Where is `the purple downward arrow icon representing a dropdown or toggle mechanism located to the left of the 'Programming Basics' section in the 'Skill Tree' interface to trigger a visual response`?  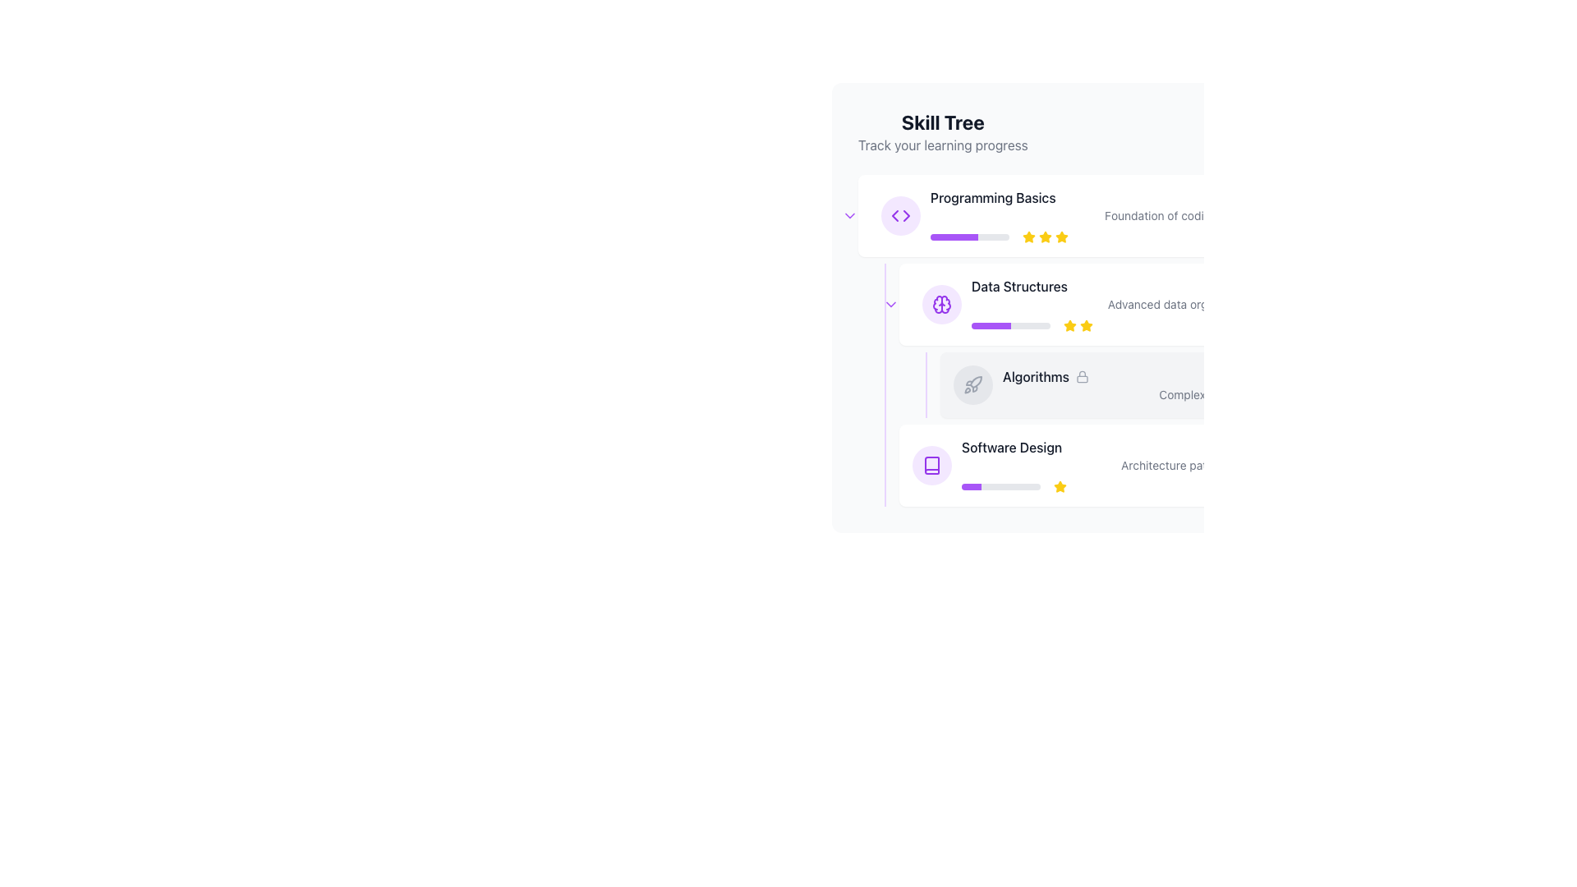
the purple downward arrow icon representing a dropdown or toggle mechanism located to the left of the 'Programming Basics' section in the 'Skill Tree' interface to trigger a visual response is located at coordinates (850, 214).